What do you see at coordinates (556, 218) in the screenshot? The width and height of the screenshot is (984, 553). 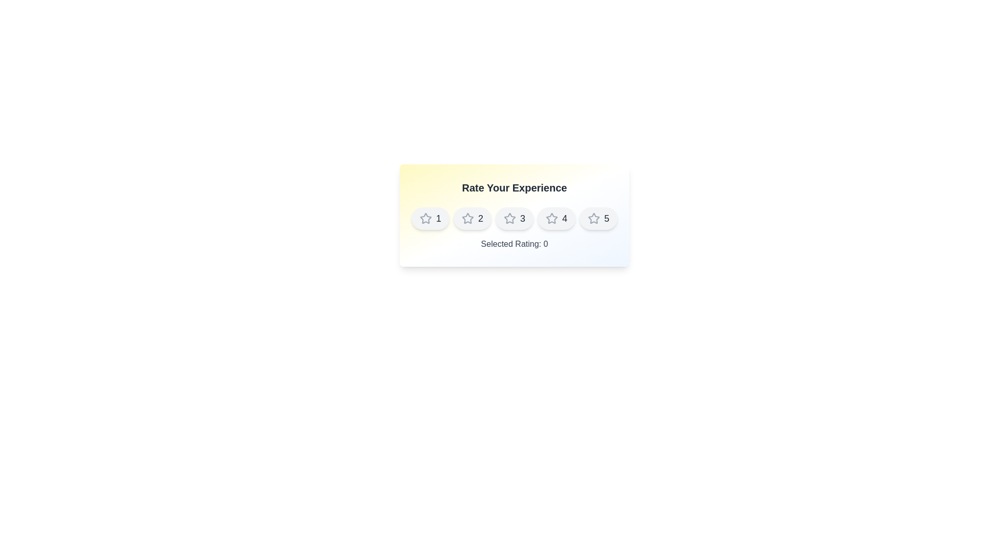 I see `the star corresponding to the rating value 4` at bounding box center [556, 218].